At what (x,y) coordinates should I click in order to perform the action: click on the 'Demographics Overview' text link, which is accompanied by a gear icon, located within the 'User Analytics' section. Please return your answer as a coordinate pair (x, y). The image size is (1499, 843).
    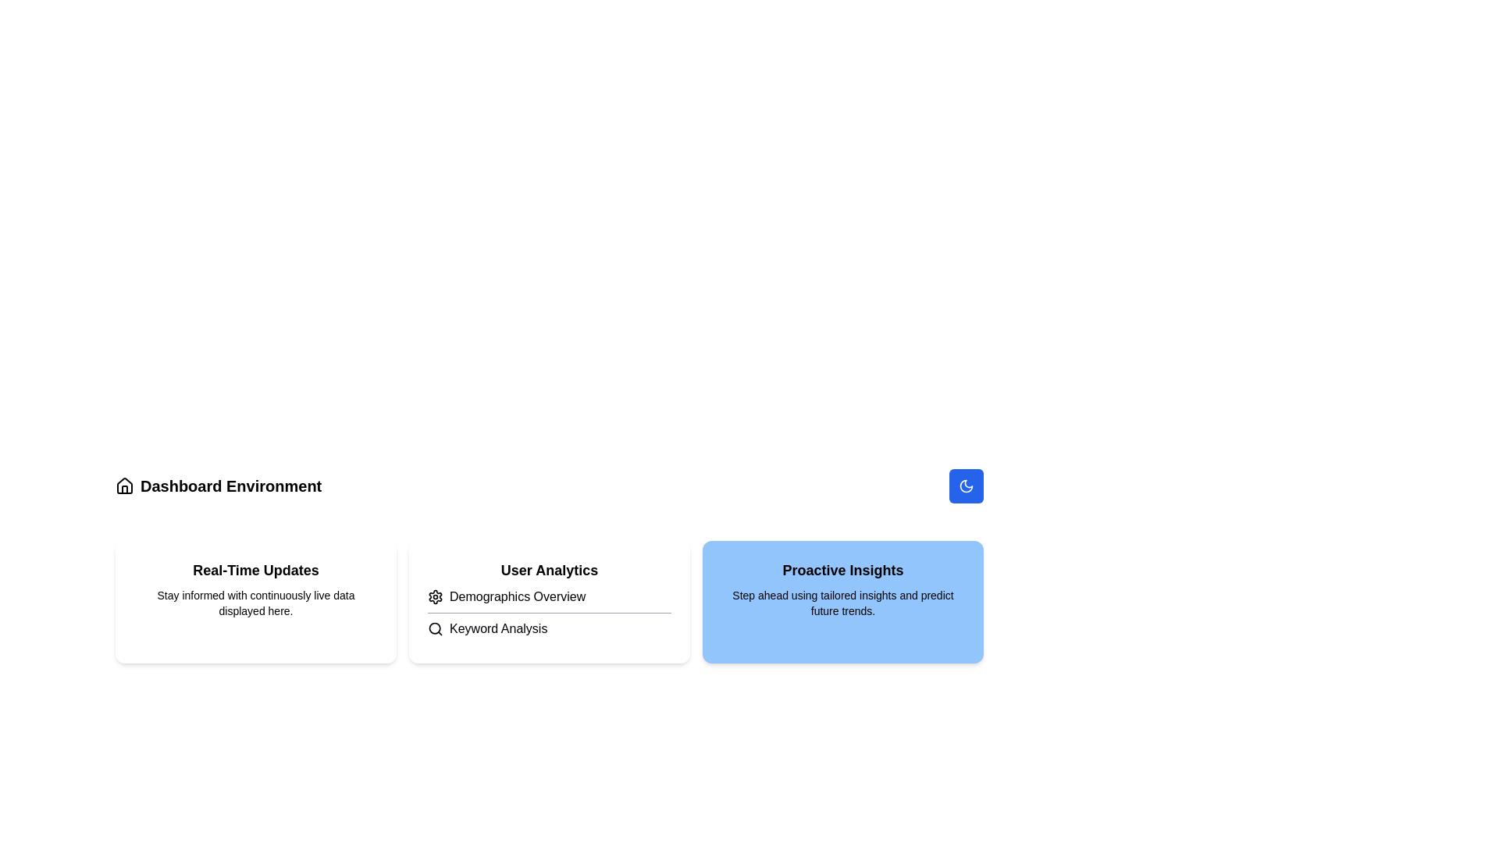
    Looking at the image, I should click on (550, 612).